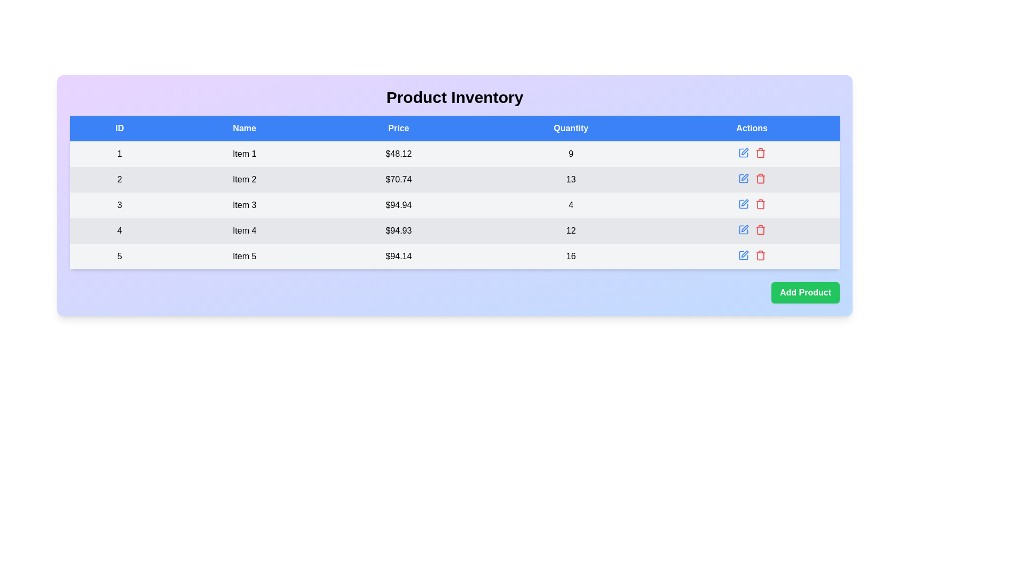 The width and height of the screenshot is (1025, 576). What do you see at coordinates (760, 255) in the screenshot?
I see `the deletion icon located in the Actions column of the last row in the table to initiate the delete action` at bounding box center [760, 255].